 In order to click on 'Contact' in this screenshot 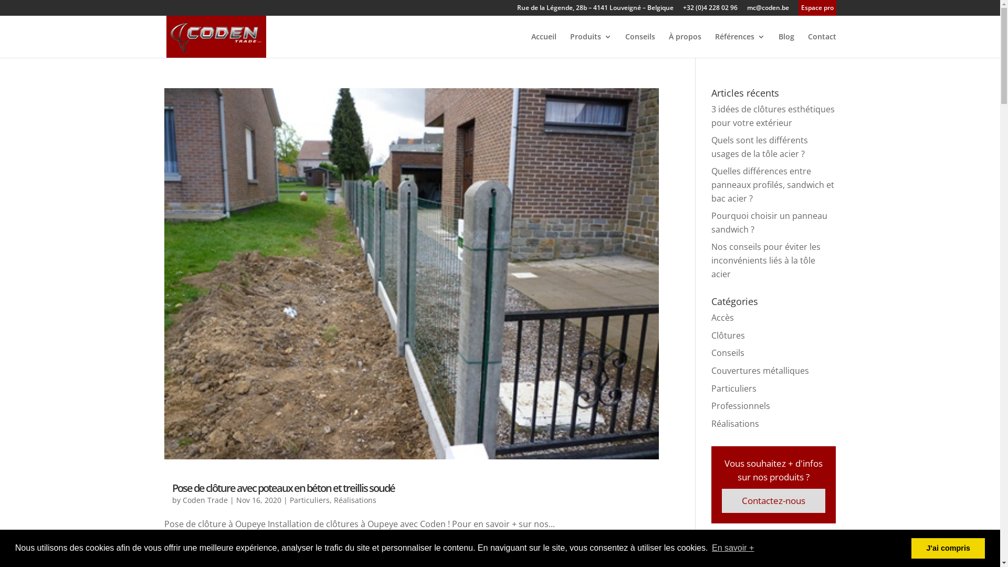, I will do `click(821, 45)`.